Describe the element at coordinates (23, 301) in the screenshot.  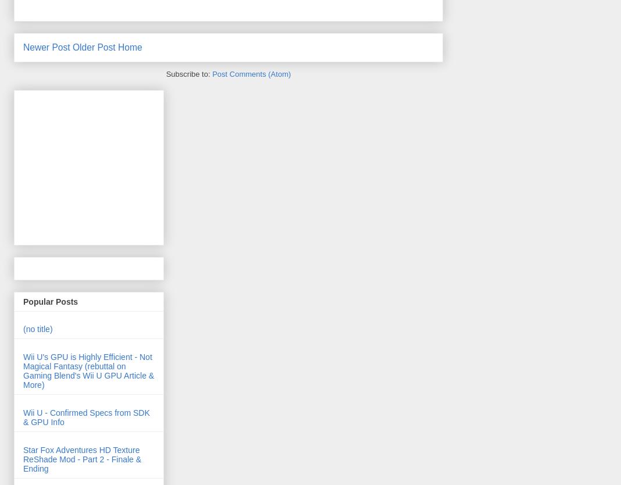
I see `'Popular Posts'` at that location.